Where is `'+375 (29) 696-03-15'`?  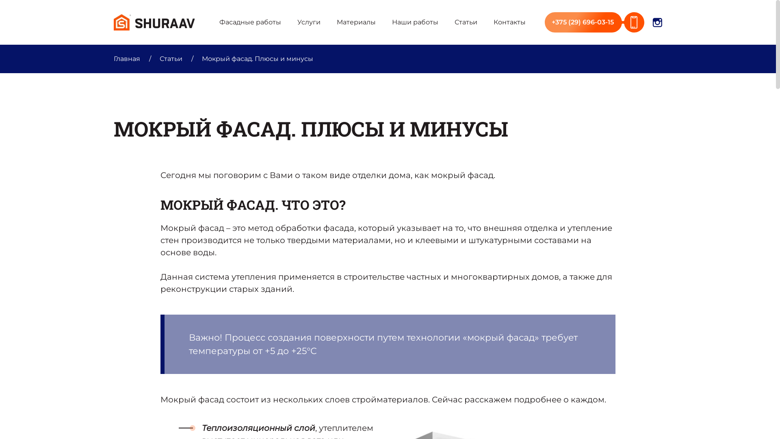 '+375 (29) 696-03-15' is located at coordinates (544, 22).